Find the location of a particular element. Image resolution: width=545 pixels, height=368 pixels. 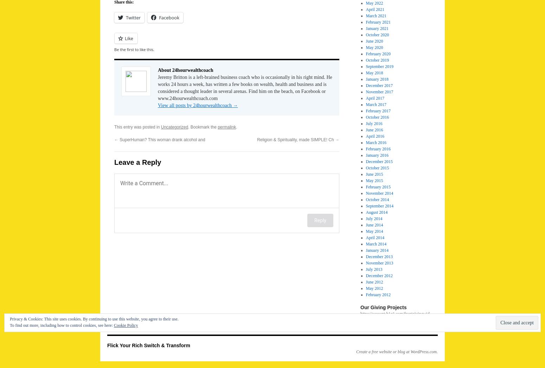

'October 2014' is located at coordinates (377, 200).